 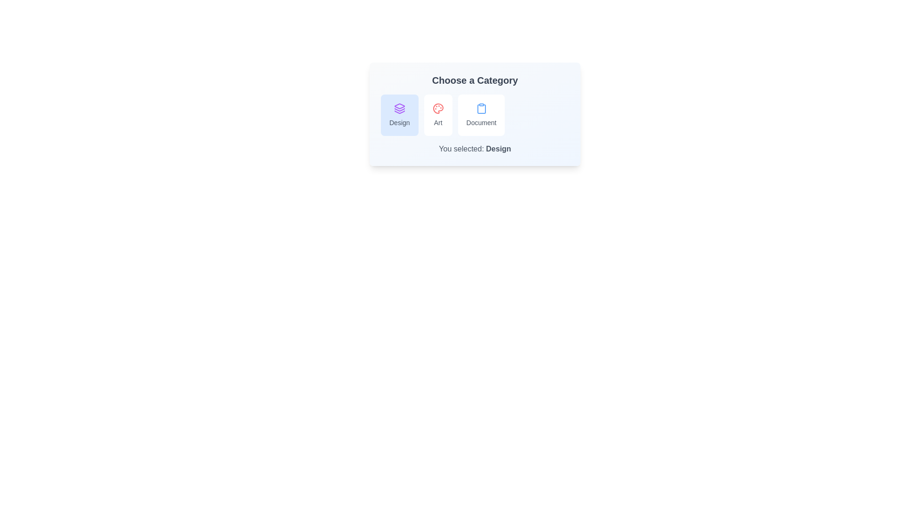 I want to click on the category Document by clicking on its respective chip, so click(x=481, y=115).